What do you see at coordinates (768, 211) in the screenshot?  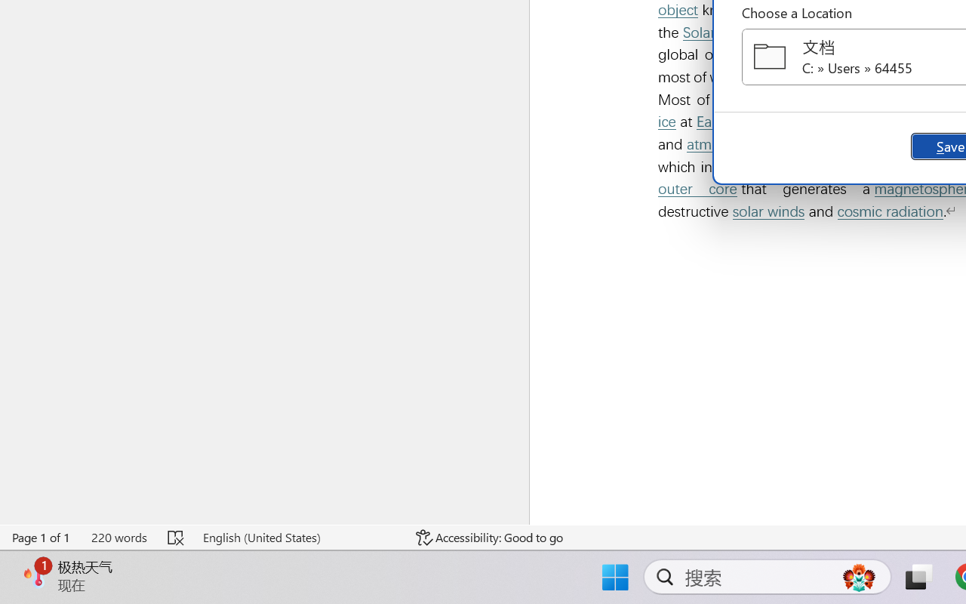 I see `'solar winds'` at bounding box center [768, 211].